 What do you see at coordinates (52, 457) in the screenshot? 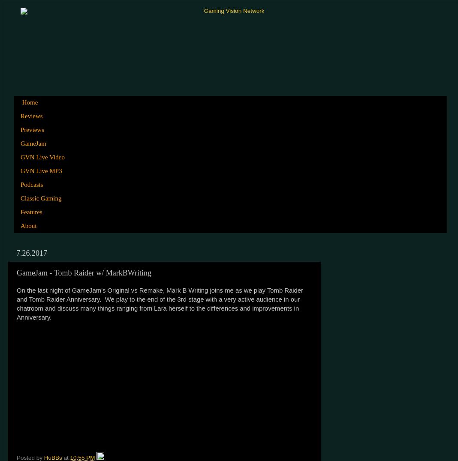
I see `'HuBBs'` at bounding box center [52, 457].